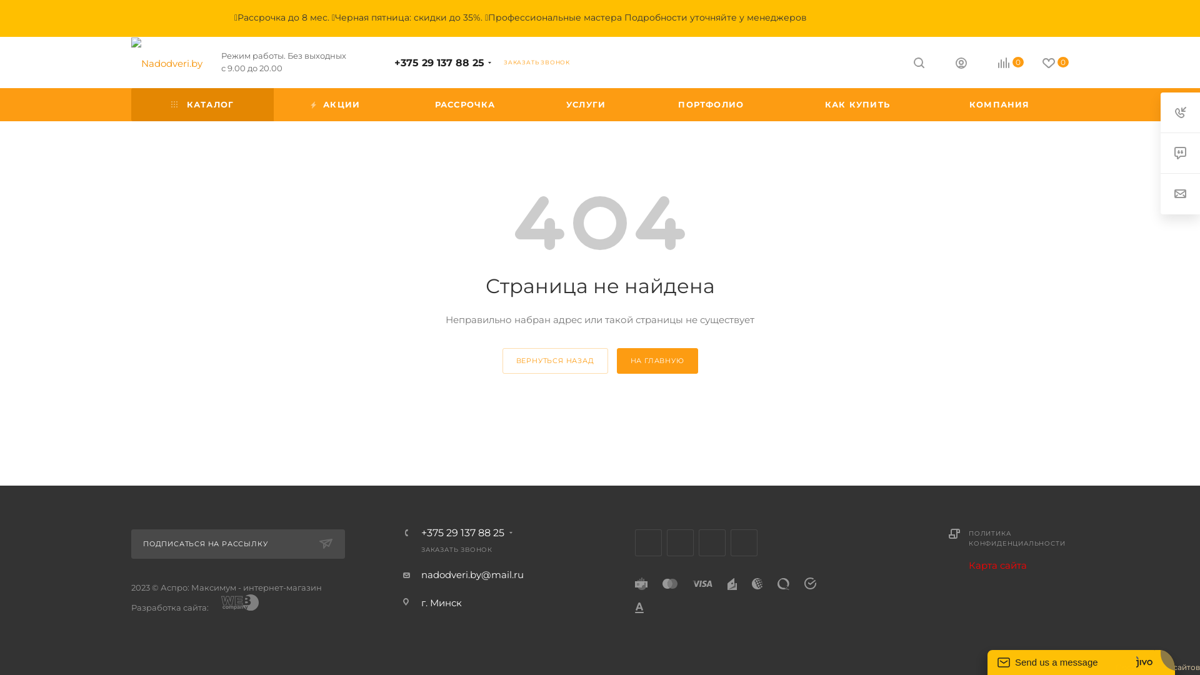 This screenshot has width=1200, height=675. What do you see at coordinates (393, 62) in the screenshot?
I see `'+375 29 137 88 25'` at bounding box center [393, 62].